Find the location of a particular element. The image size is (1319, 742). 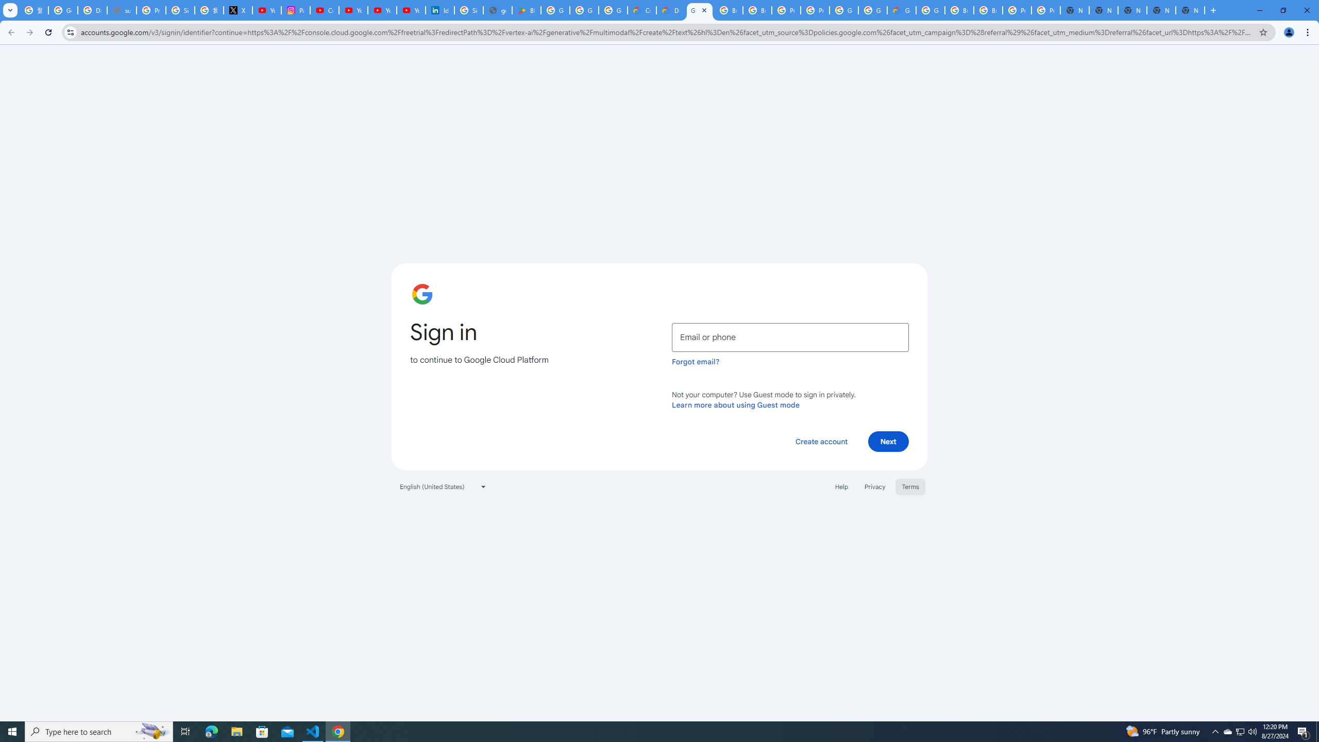

'Forgot email?' is located at coordinates (695, 361).